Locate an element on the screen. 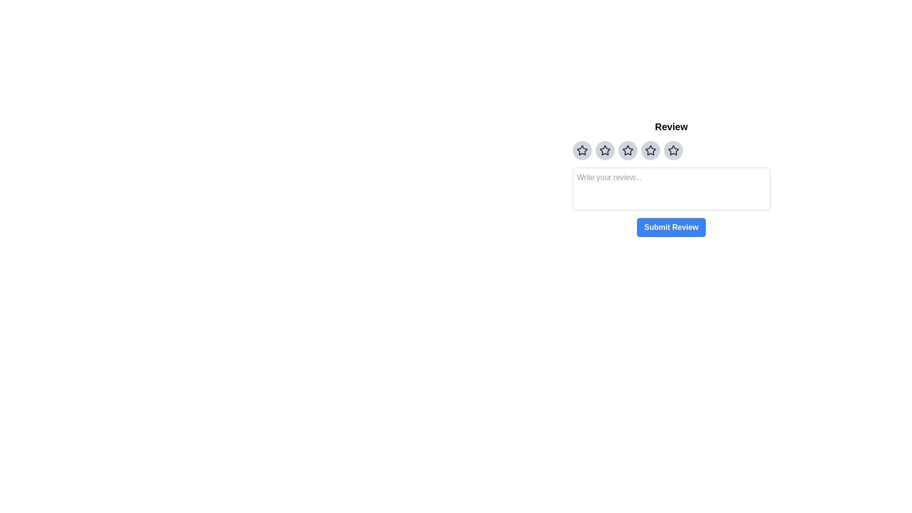 The height and width of the screenshot is (513, 912). the fifth circular button with a gray background and a star-shaped icon, positioned among a row of five buttons is located at coordinates (673, 150).